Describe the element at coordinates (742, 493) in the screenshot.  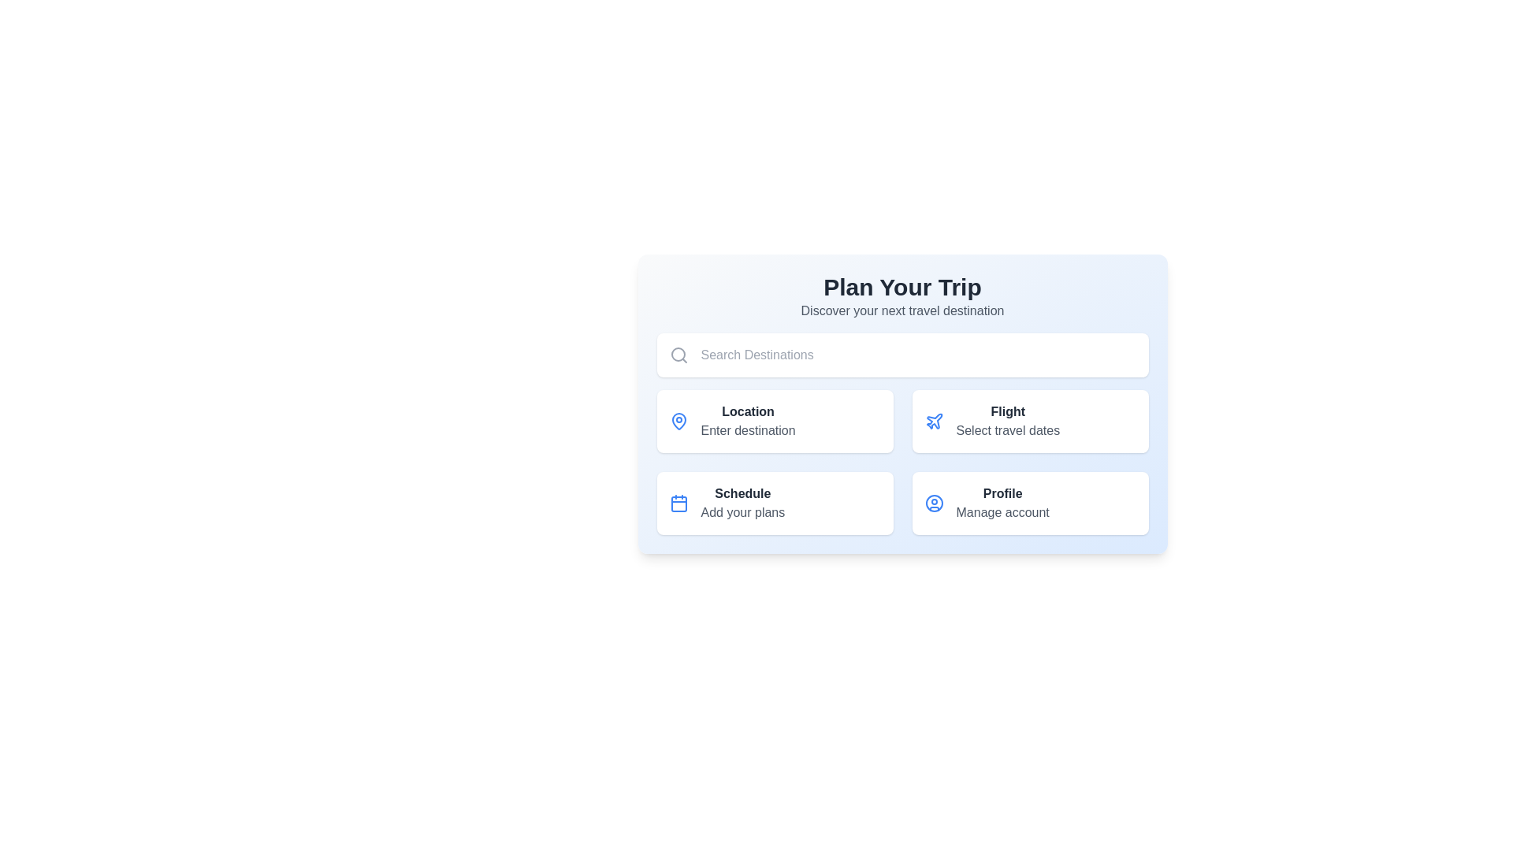
I see `the 'Schedule' text label, which is styled in bold dark gray and positioned at the top of the 'Schedule Add your plans' interface option, located in the bottom-left quadrant of the grid` at that location.